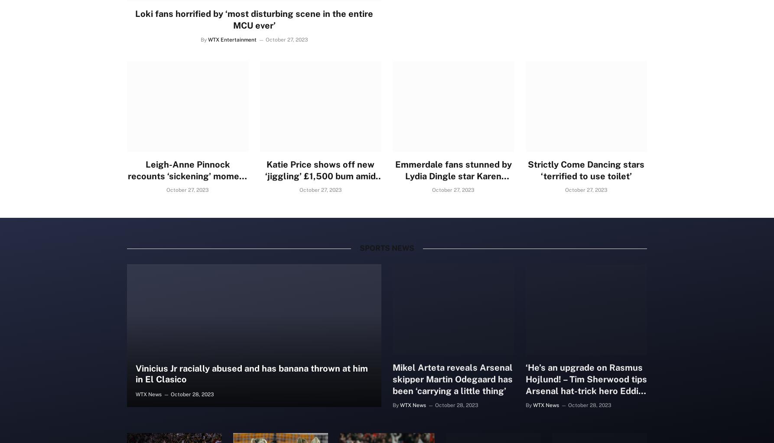  What do you see at coordinates (254, 19) in the screenshot?
I see `'Loki fans horrified by ‘most disturbing scene in the entire MCU ever’'` at bounding box center [254, 19].